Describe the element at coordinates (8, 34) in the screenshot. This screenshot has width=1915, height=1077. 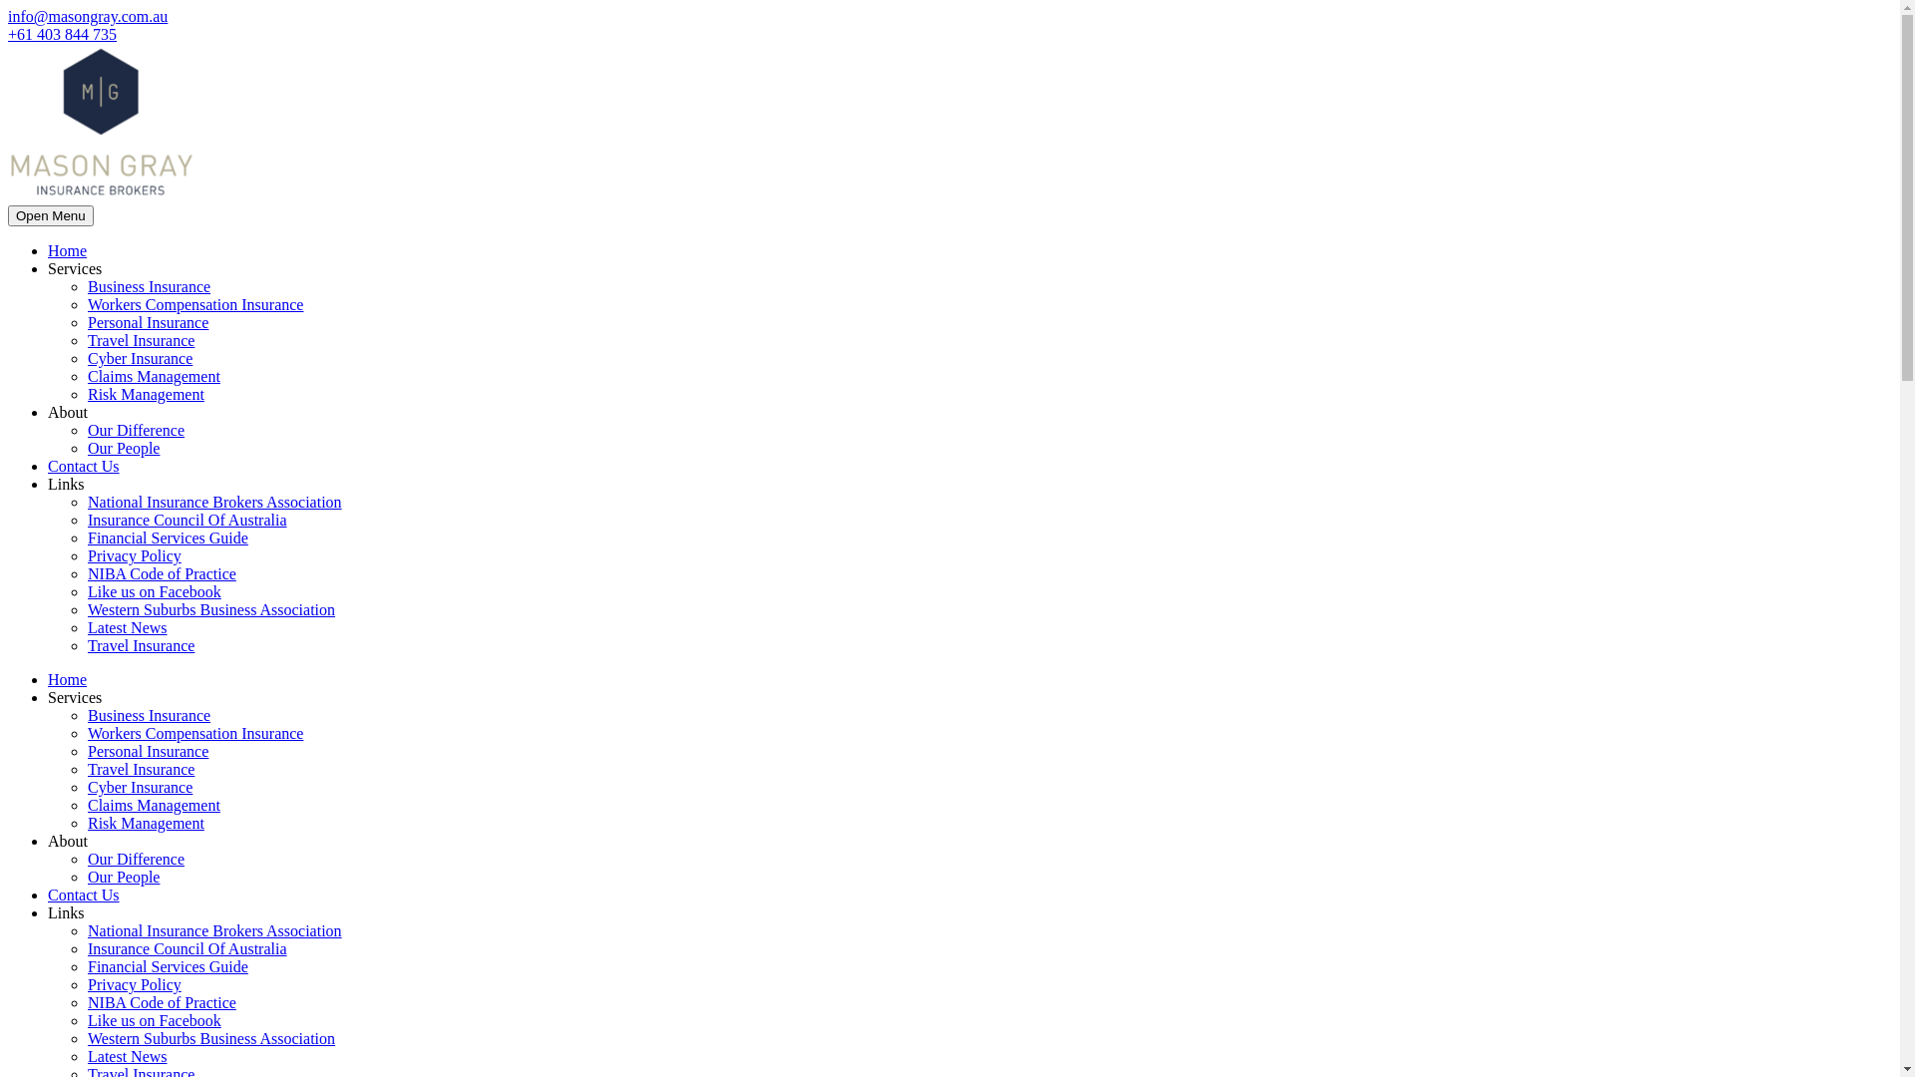
I see `'+61 403 844 735'` at that location.